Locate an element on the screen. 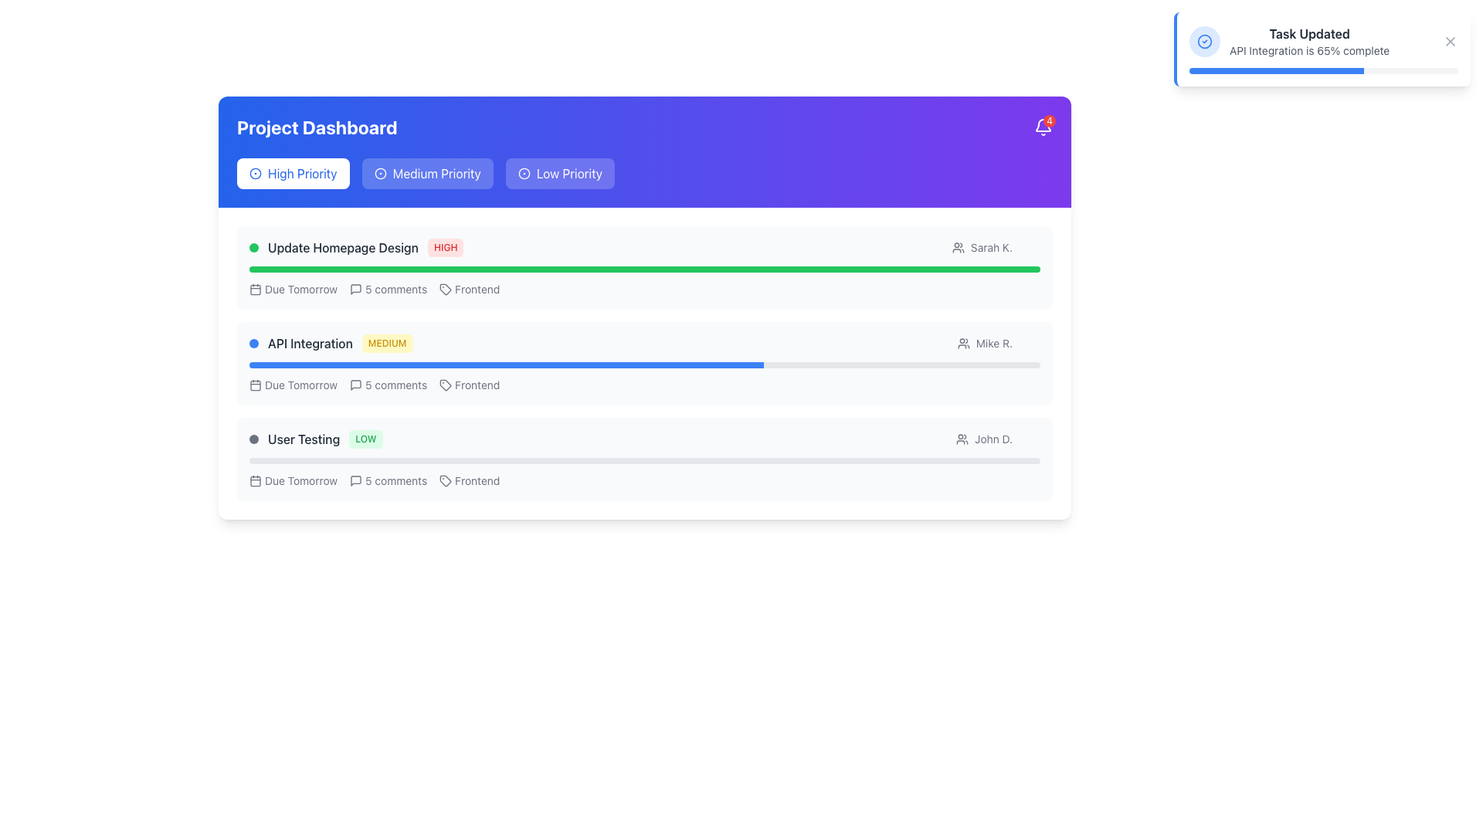 The height and width of the screenshot is (834, 1483). 'Frontend' text label located within the 'API Integration' task card, below the 'Due Tomorrow' date and comment count, and next to the tag icon is located at coordinates (477, 384).